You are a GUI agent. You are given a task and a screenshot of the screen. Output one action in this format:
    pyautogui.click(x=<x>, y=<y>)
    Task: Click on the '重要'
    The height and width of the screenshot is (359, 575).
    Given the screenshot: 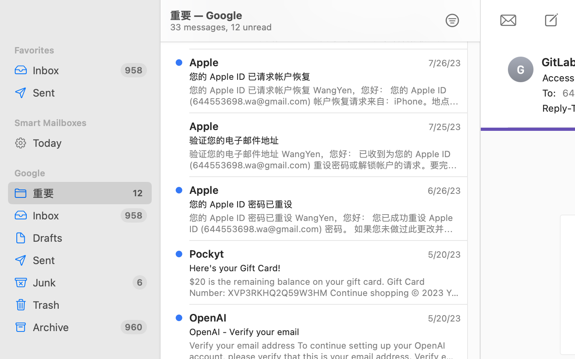 What is the action you would take?
    pyautogui.click(x=77, y=193)
    